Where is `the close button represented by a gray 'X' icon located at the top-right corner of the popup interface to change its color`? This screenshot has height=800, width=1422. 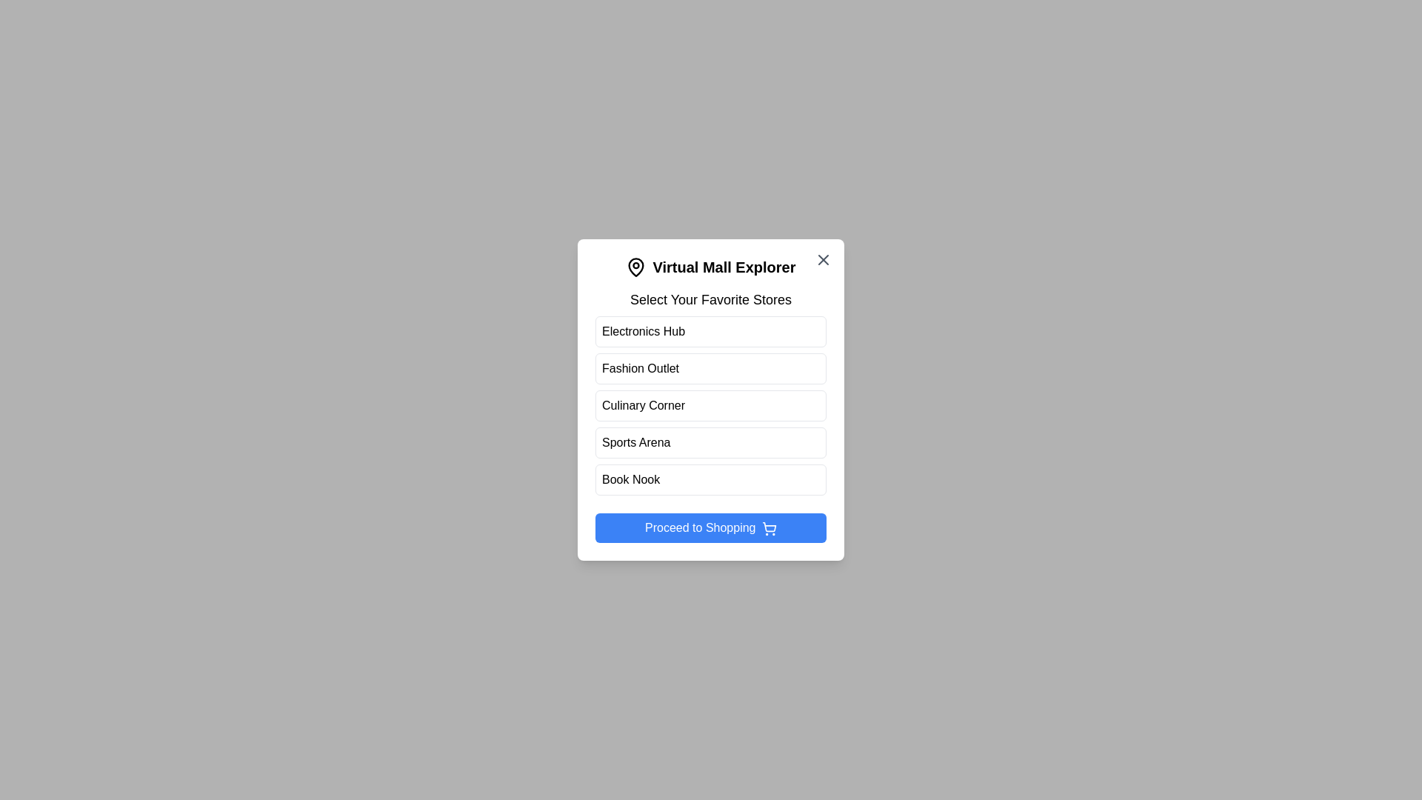
the close button represented by a gray 'X' icon located at the top-right corner of the popup interface to change its color is located at coordinates (823, 259).